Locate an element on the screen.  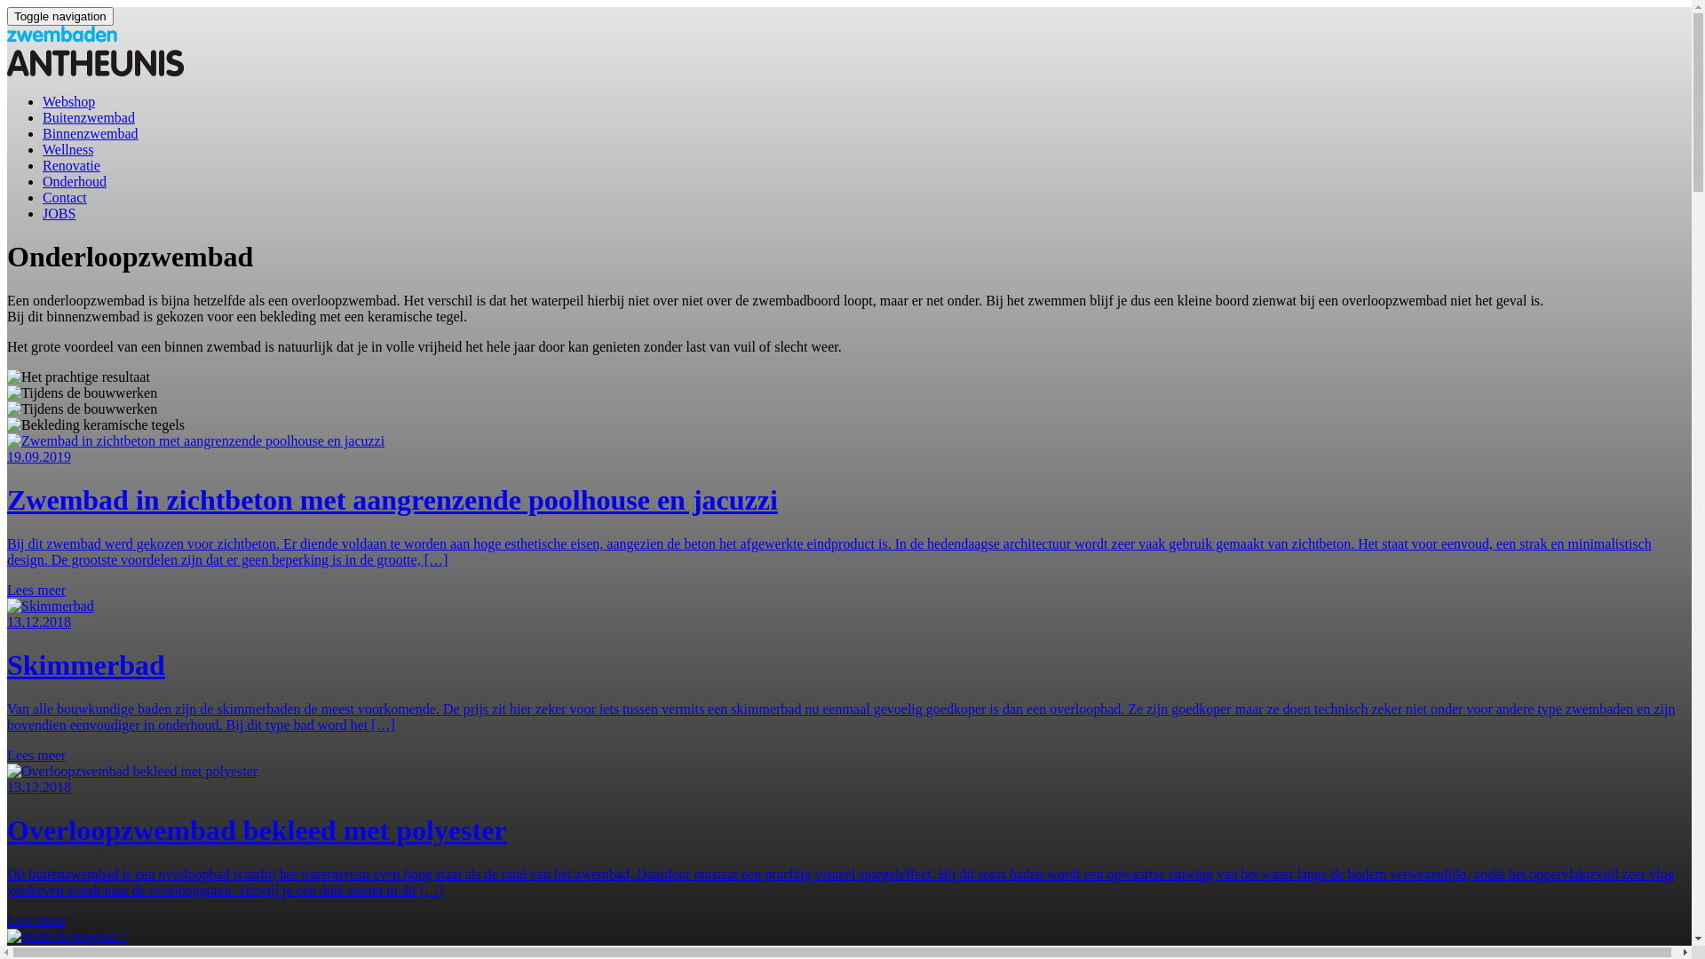
'Binnenzwembad' is located at coordinates (89, 132).